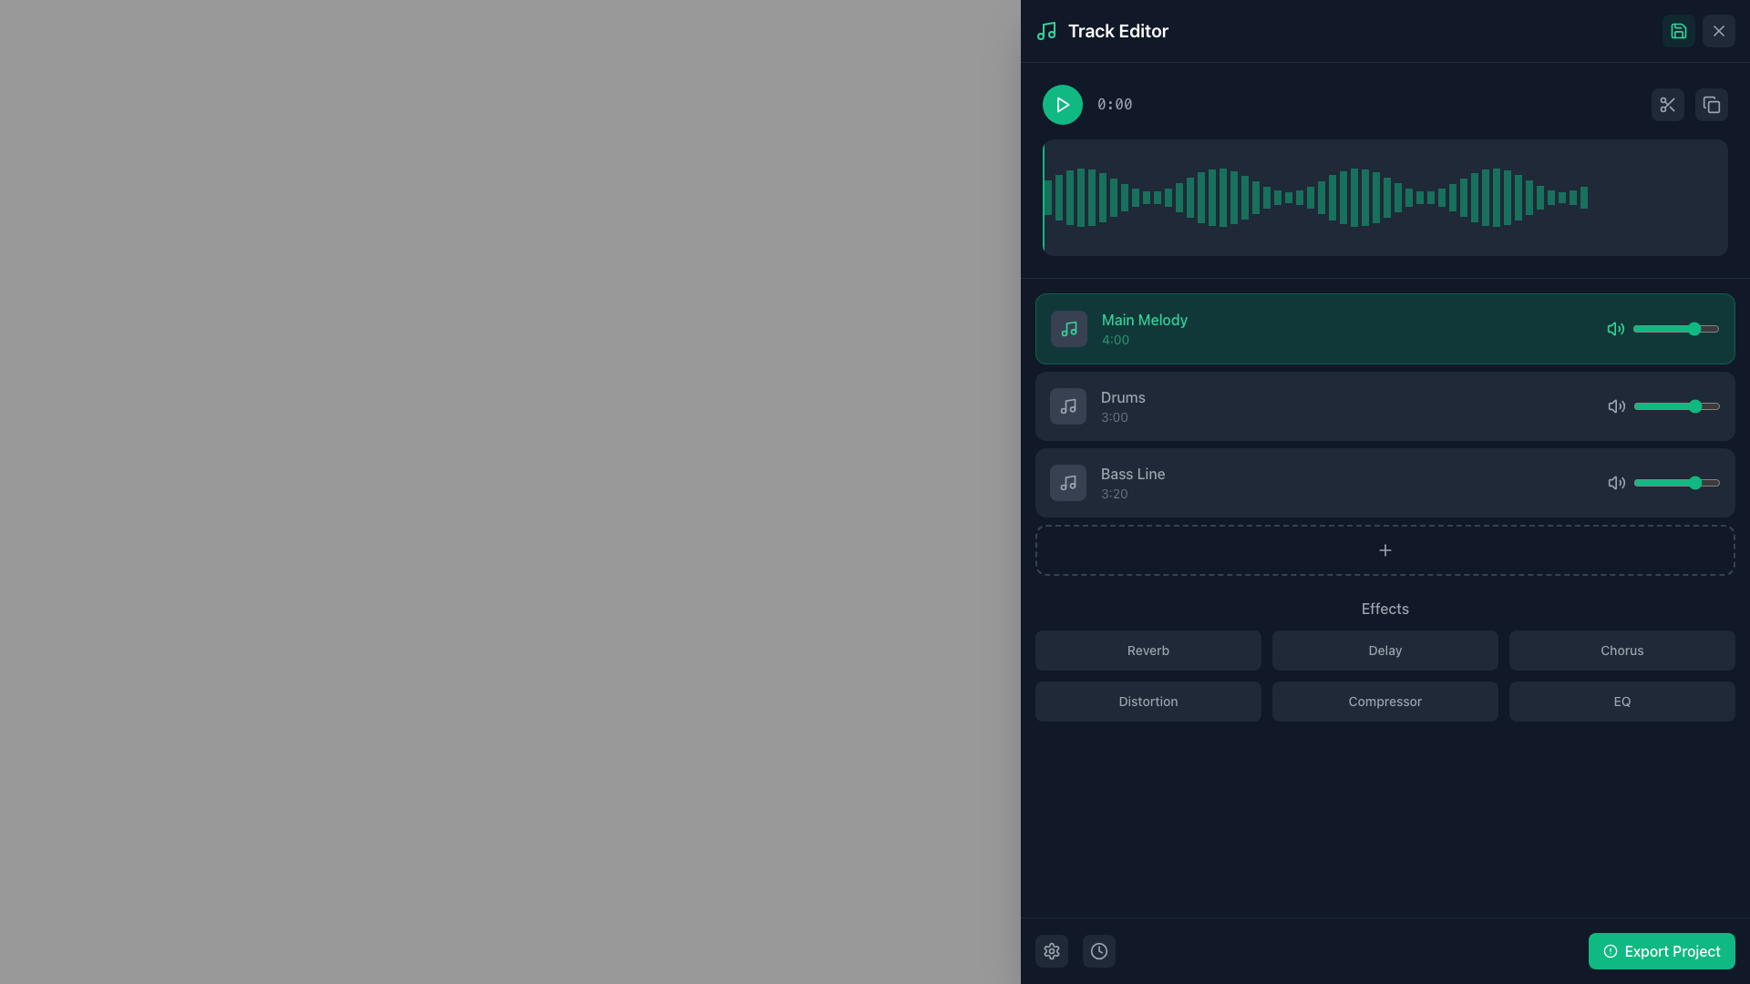  I want to click on the 18th green waveform bar in the track editor interface, which is a tall, narrow rectangle with a semi-transparent appearance, so click(1233, 197).